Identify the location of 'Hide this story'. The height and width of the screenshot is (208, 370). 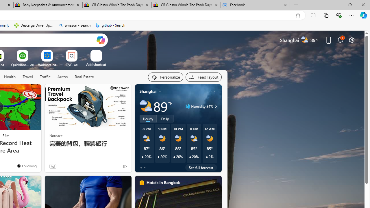
(23, 91).